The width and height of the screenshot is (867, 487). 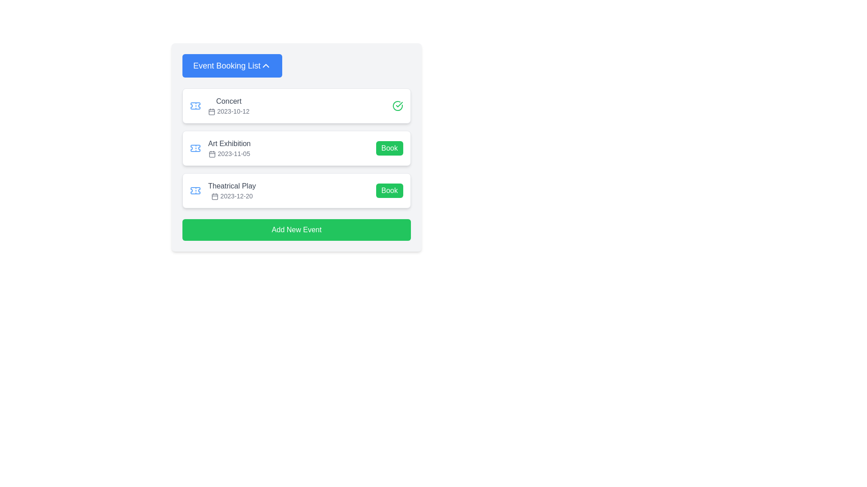 I want to click on the 'Event Booking List' button for keyboard interaction by moving the cursor to its center, so click(x=232, y=65).